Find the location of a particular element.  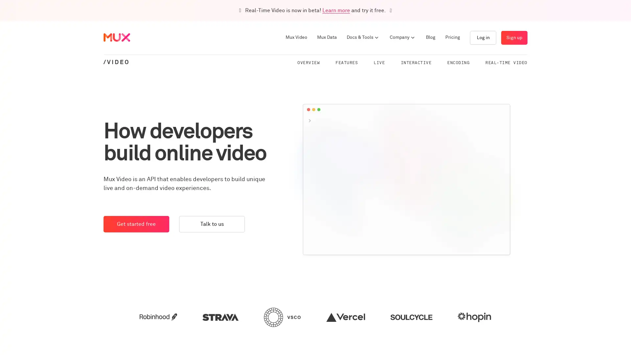

Company is located at coordinates (402, 37).